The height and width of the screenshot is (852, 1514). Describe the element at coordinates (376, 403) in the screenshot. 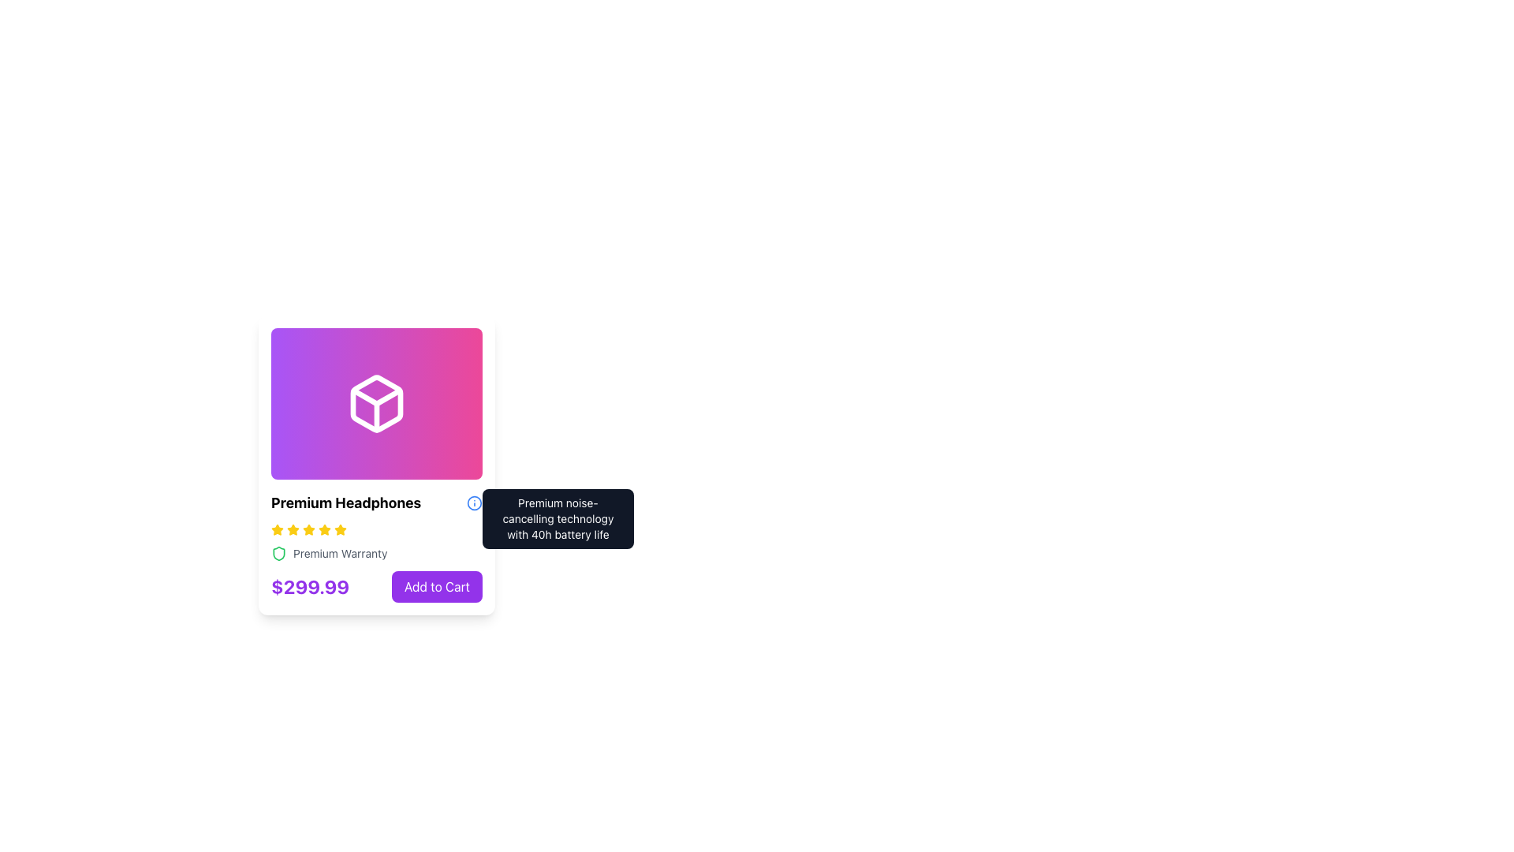

I see `the decorative icon located at the center of the card component, which is positioned directly above the textual content and other UI elements` at that location.